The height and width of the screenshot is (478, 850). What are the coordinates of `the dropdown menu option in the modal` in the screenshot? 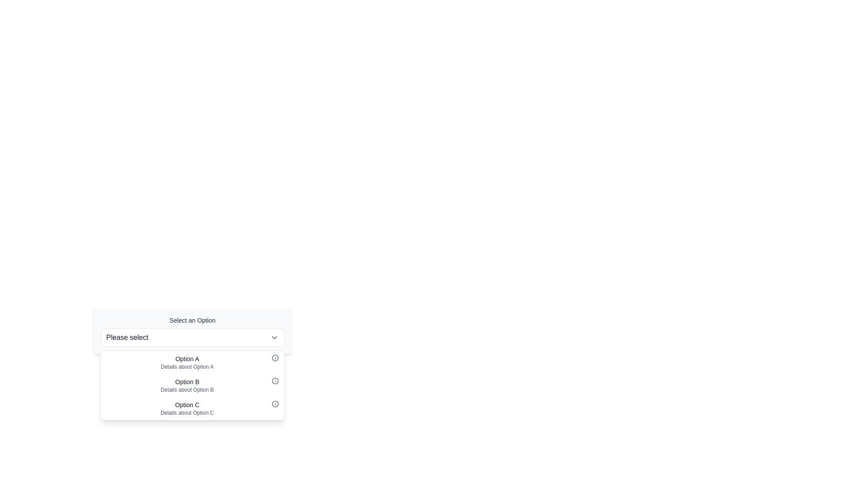 It's located at (192, 366).